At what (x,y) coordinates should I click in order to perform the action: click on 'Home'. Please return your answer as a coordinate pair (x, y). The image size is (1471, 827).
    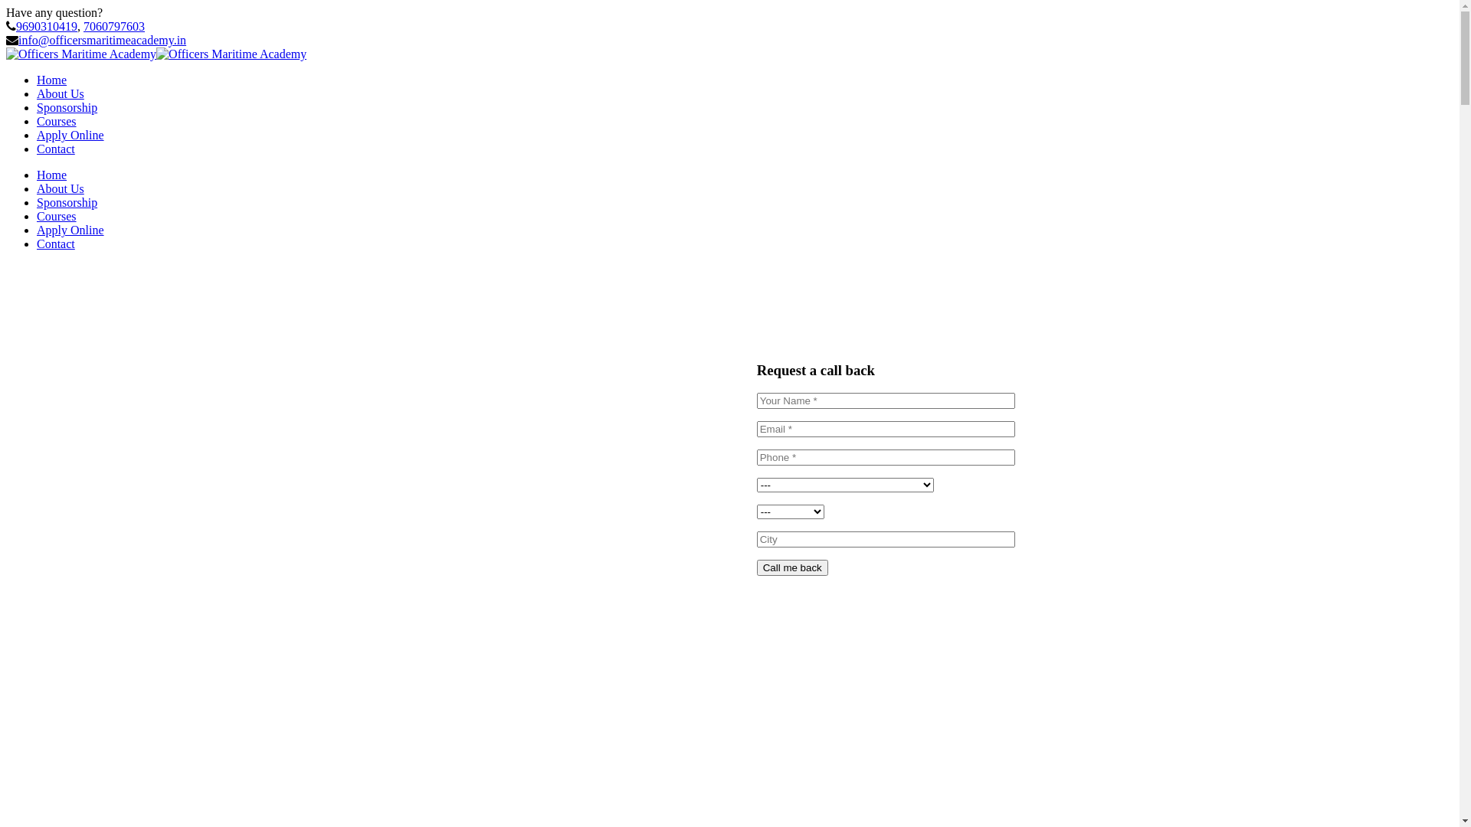
    Looking at the image, I should click on (51, 80).